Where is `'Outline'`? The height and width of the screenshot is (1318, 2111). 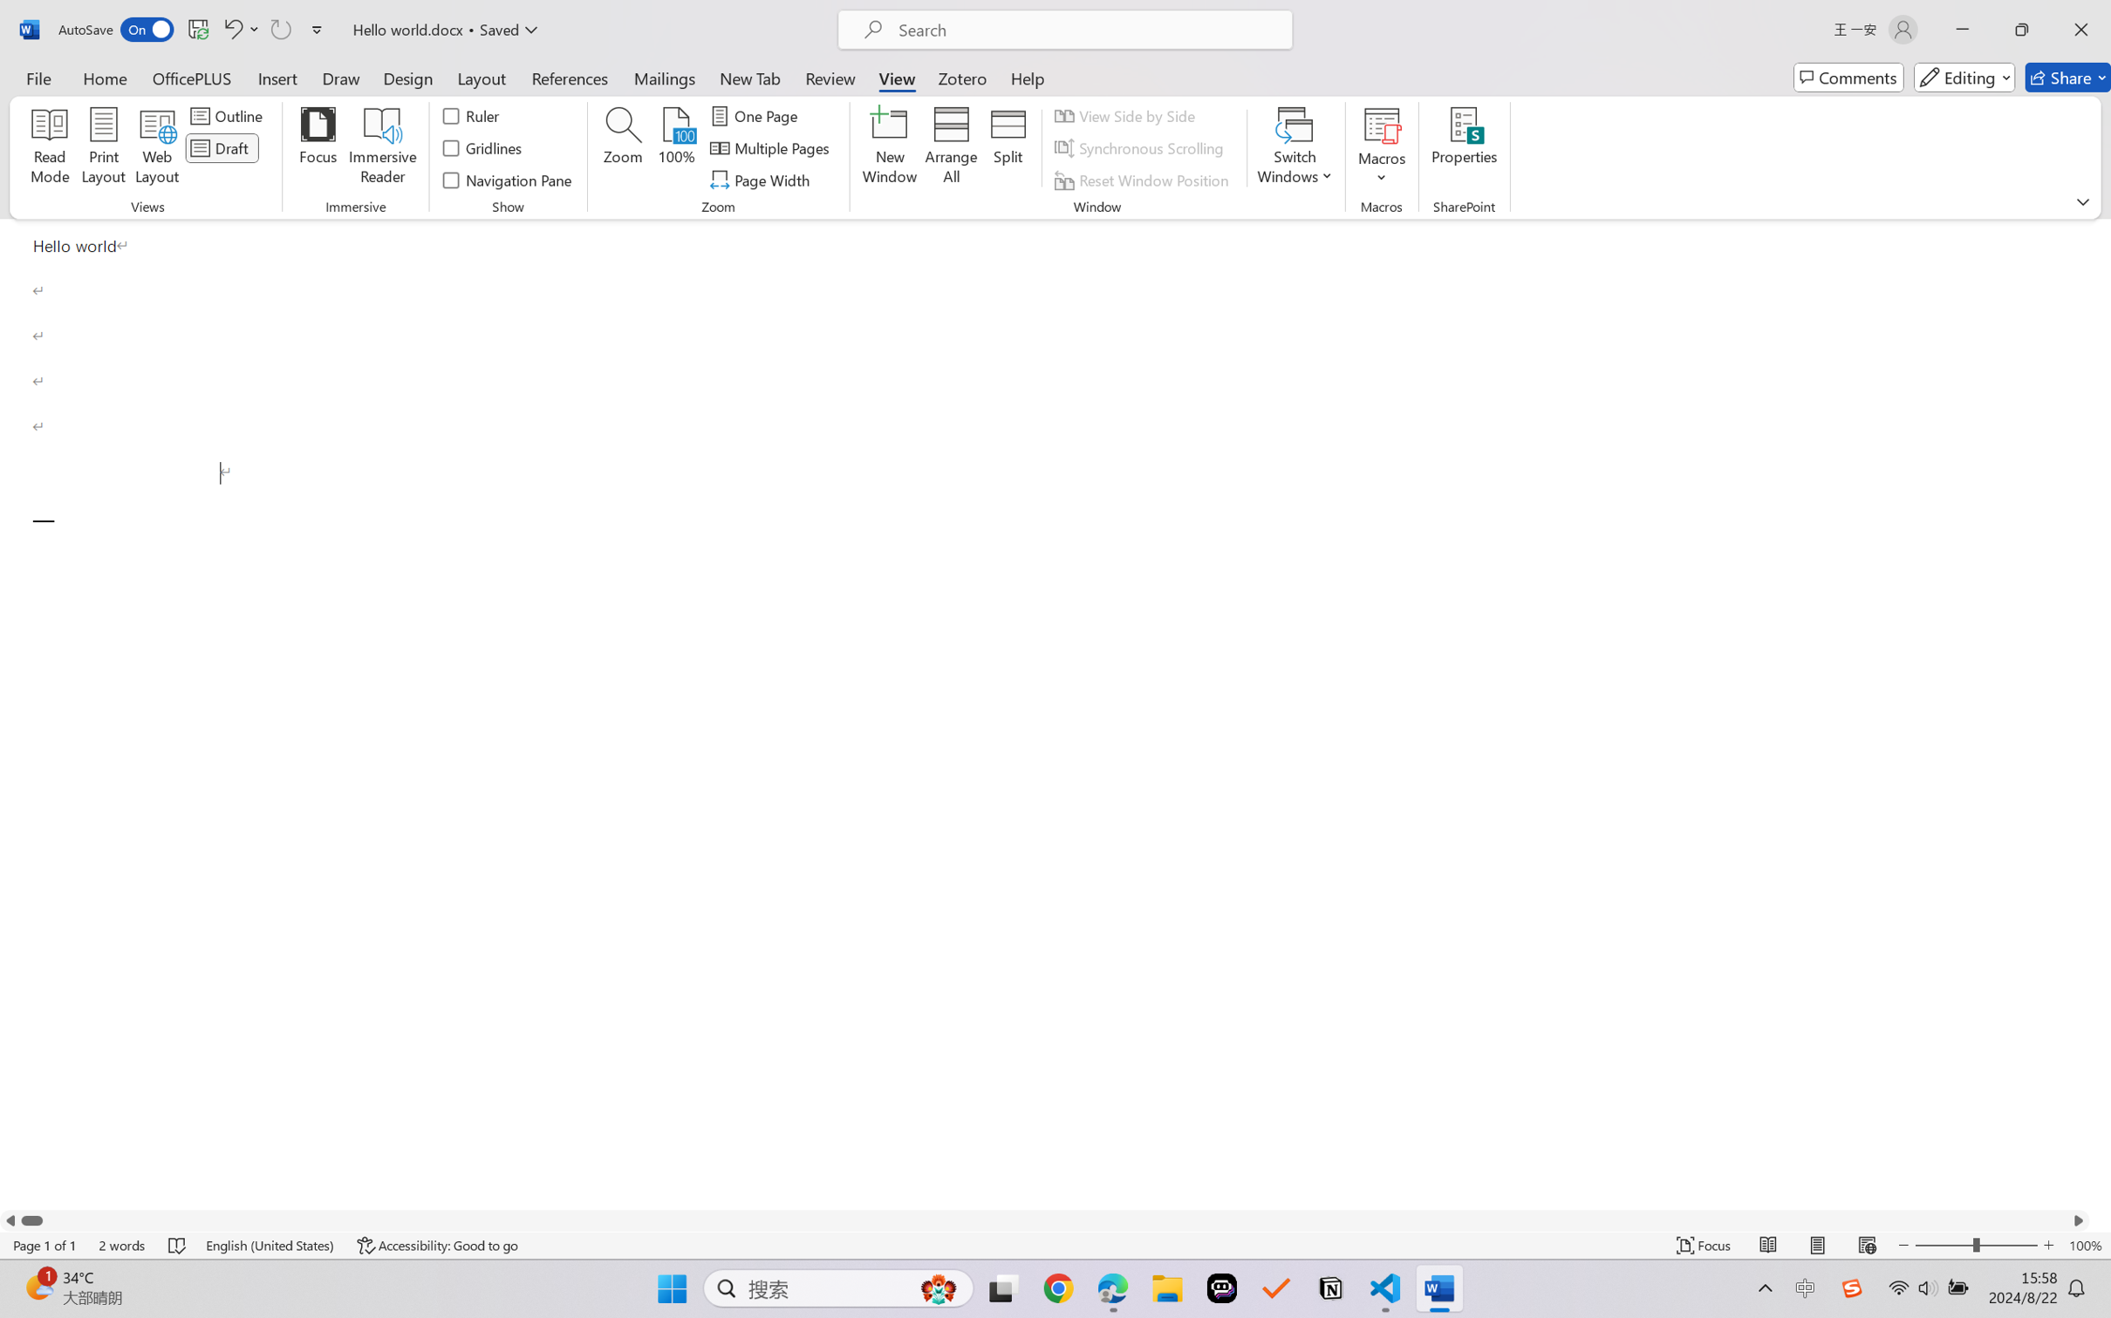
'Outline' is located at coordinates (228, 114).